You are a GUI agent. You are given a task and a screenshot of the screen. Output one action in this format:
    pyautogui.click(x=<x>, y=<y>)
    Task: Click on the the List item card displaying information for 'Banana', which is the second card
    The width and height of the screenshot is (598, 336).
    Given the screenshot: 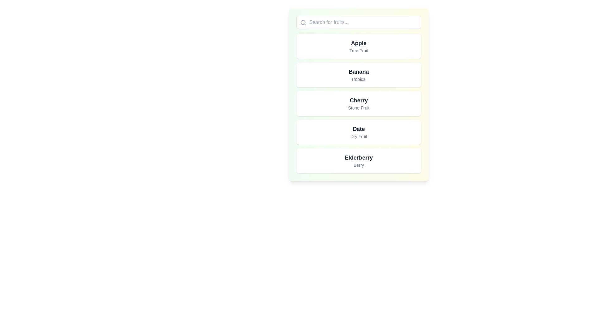 What is the action you would take?
    pyautogui.click(x=359, y=74)
    